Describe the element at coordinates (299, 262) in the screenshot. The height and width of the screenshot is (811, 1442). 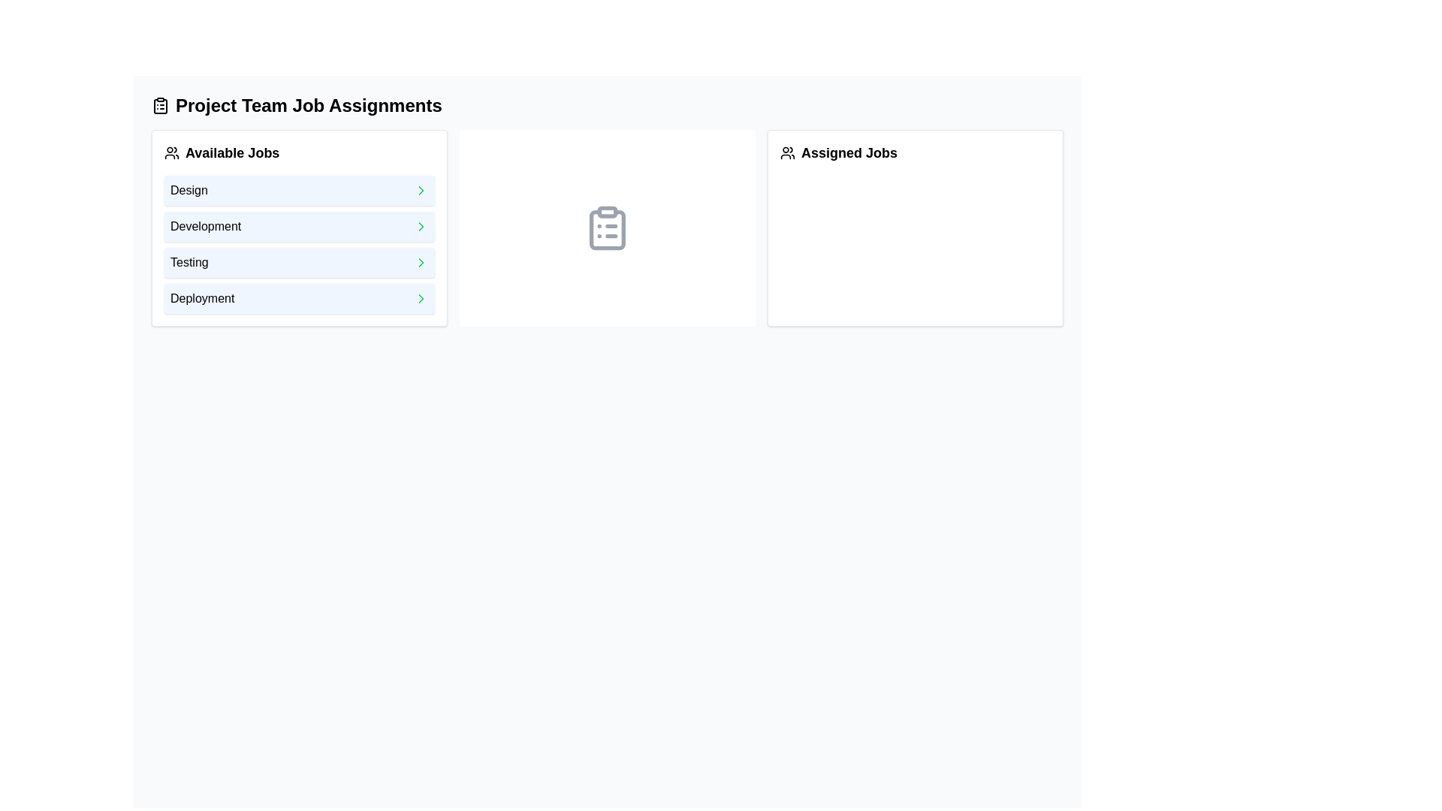
I see `the 'Testing' job card` at that location.